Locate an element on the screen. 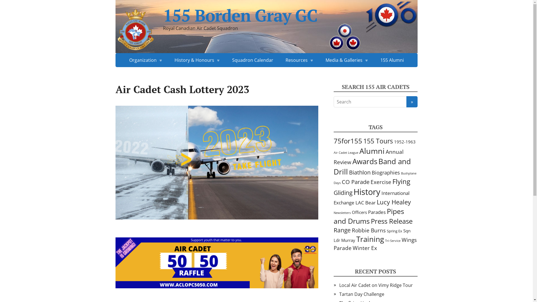 This screenshot has height=302, width=537. 'Lucy Healey' is located at coordinates (376, 202).